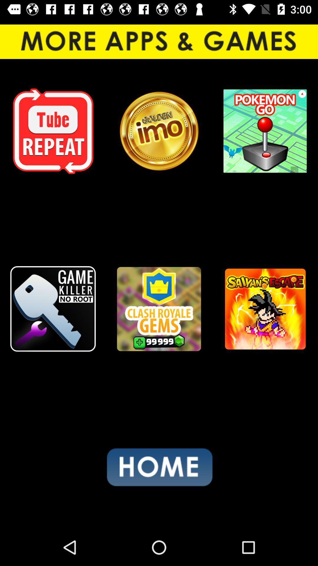 The height and width of the screenshot is (566, 318). I want to click on play/install saivans escape, so click(264, 309).